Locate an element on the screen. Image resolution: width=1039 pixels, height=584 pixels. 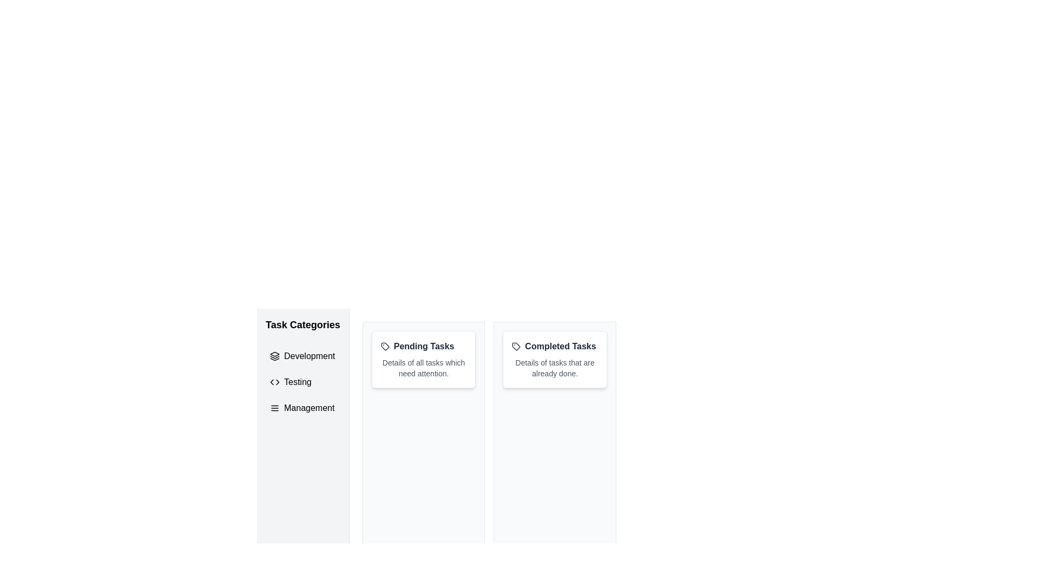
the 'Management' text label located under the 'Task Categories' section, adjacent to the menu icon is located at coordinates (308, 408).